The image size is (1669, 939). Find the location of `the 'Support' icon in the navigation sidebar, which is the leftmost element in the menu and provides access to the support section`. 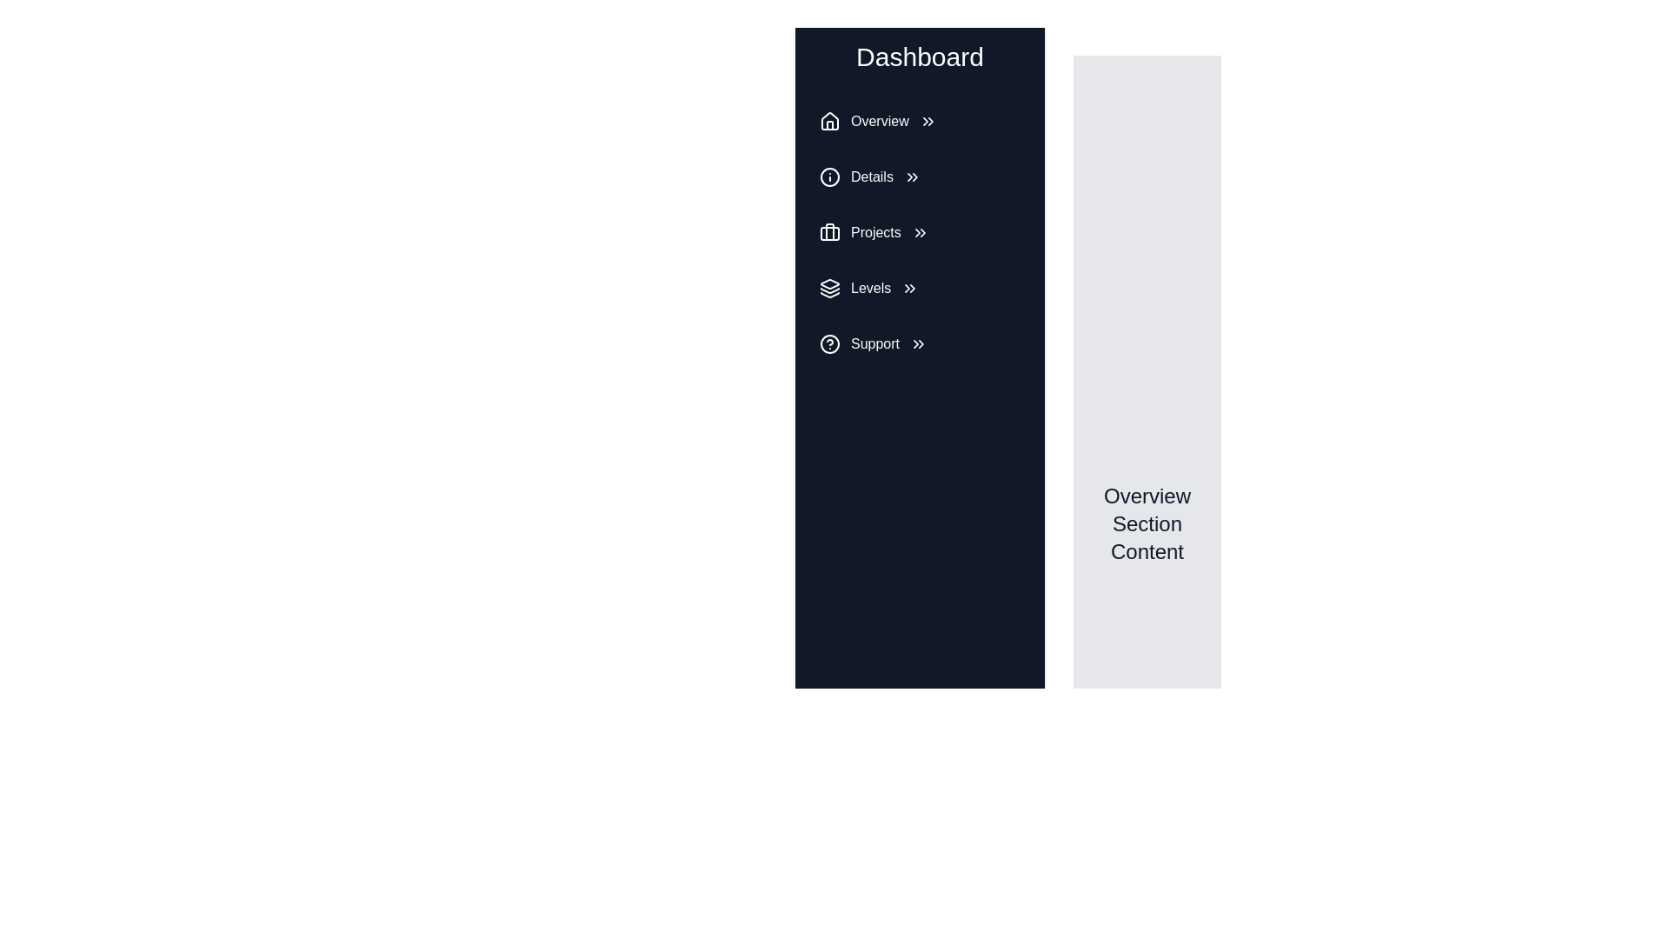

the 'Support' icon in the navigation sidebar, which is the leftmost element in the menu and provides access to the support section is located at coordinates (829, 344).